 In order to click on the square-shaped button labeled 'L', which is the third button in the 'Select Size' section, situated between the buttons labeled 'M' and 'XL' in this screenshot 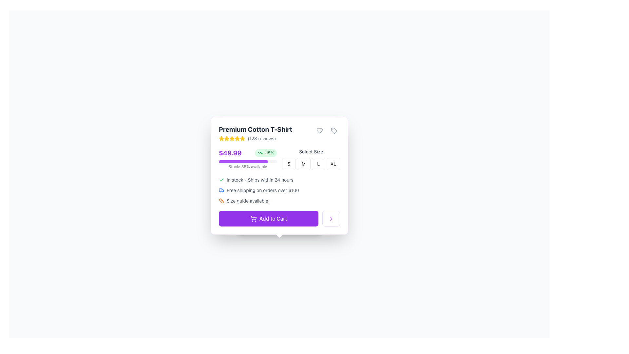, I will do `click(318, 164)`.